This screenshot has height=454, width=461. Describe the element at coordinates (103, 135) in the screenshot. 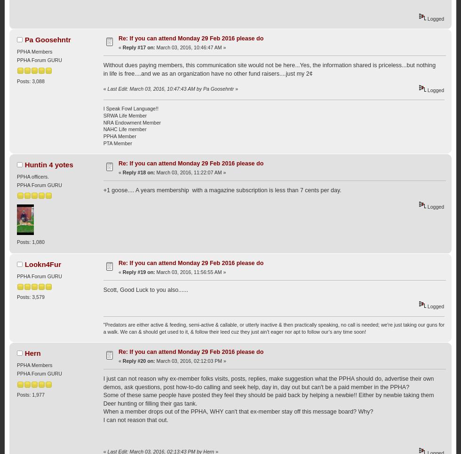

I see `'PPHA Member'` at that location.